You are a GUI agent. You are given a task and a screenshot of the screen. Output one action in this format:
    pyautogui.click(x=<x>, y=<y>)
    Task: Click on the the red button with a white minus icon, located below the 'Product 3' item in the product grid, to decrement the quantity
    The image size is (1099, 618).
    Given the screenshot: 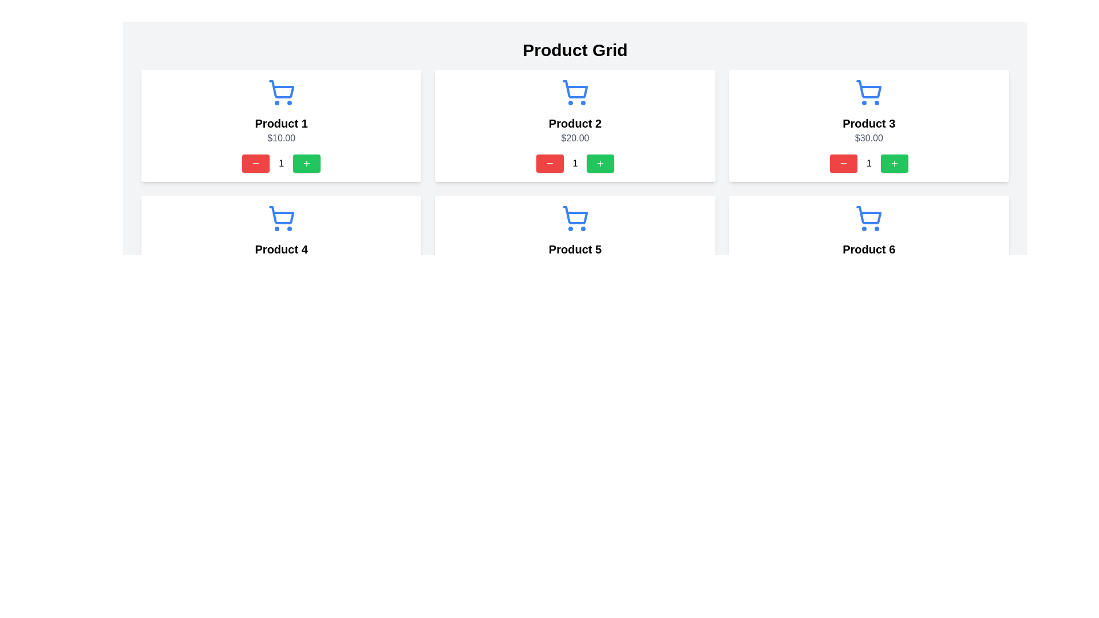 What is the action you would take?
    pyautogui.click(x=843, y=163)
    